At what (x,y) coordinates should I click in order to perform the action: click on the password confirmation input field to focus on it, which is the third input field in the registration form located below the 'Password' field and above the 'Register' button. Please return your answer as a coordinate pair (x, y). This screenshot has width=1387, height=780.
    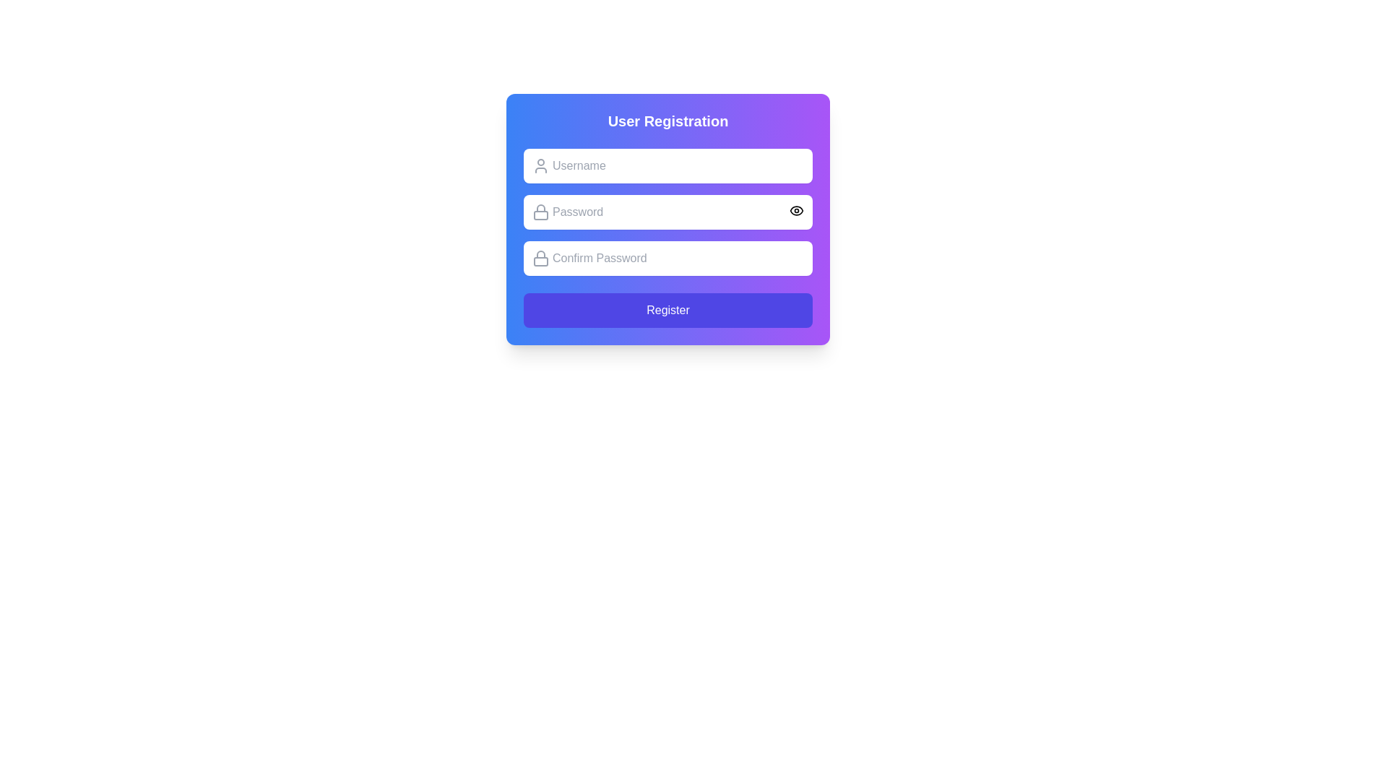
    Looking at the image, I should click on (667, 258).